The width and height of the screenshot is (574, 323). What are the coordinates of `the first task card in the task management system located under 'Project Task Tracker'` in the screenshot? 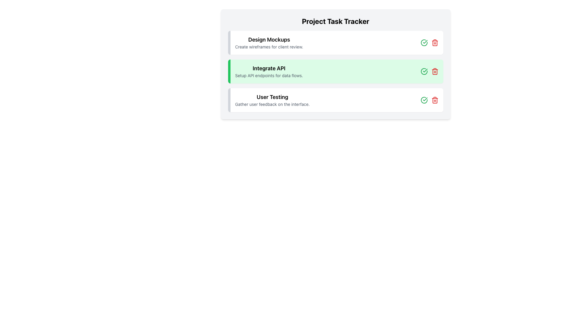 It's located at (335, 42).